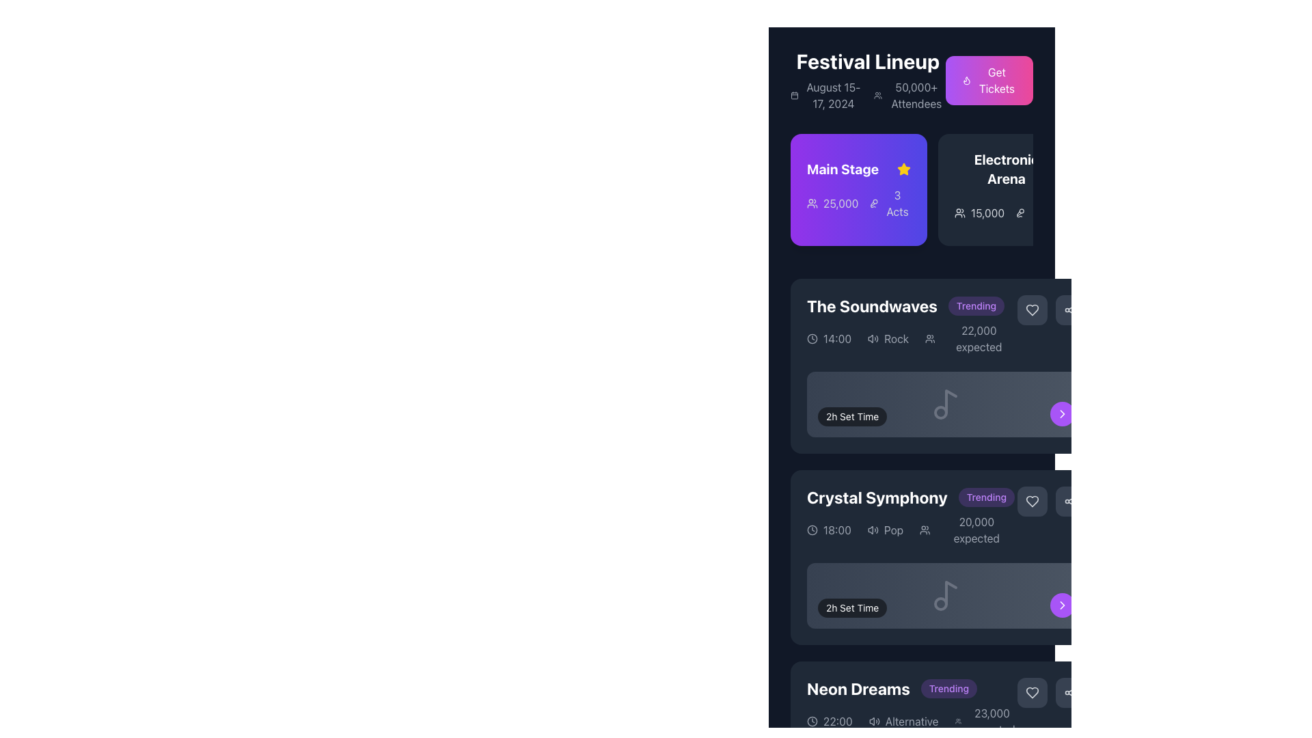 This screenshot has height=738, width=1312. I want to click on the Heart icon located in the top-right region of the 'Crystal Symphony' section, so click(1033, 501).